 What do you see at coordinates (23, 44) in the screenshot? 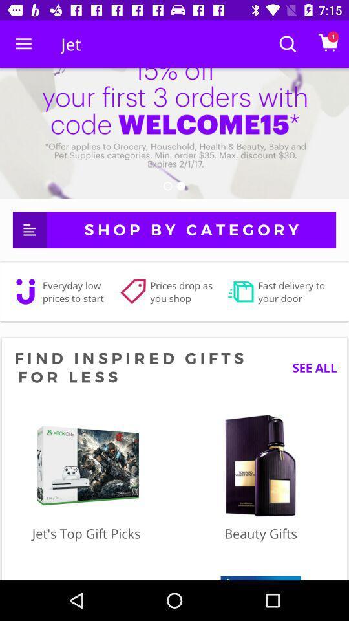
I see `the icon to the left of the jet icon` at bounding box center [23, 44].